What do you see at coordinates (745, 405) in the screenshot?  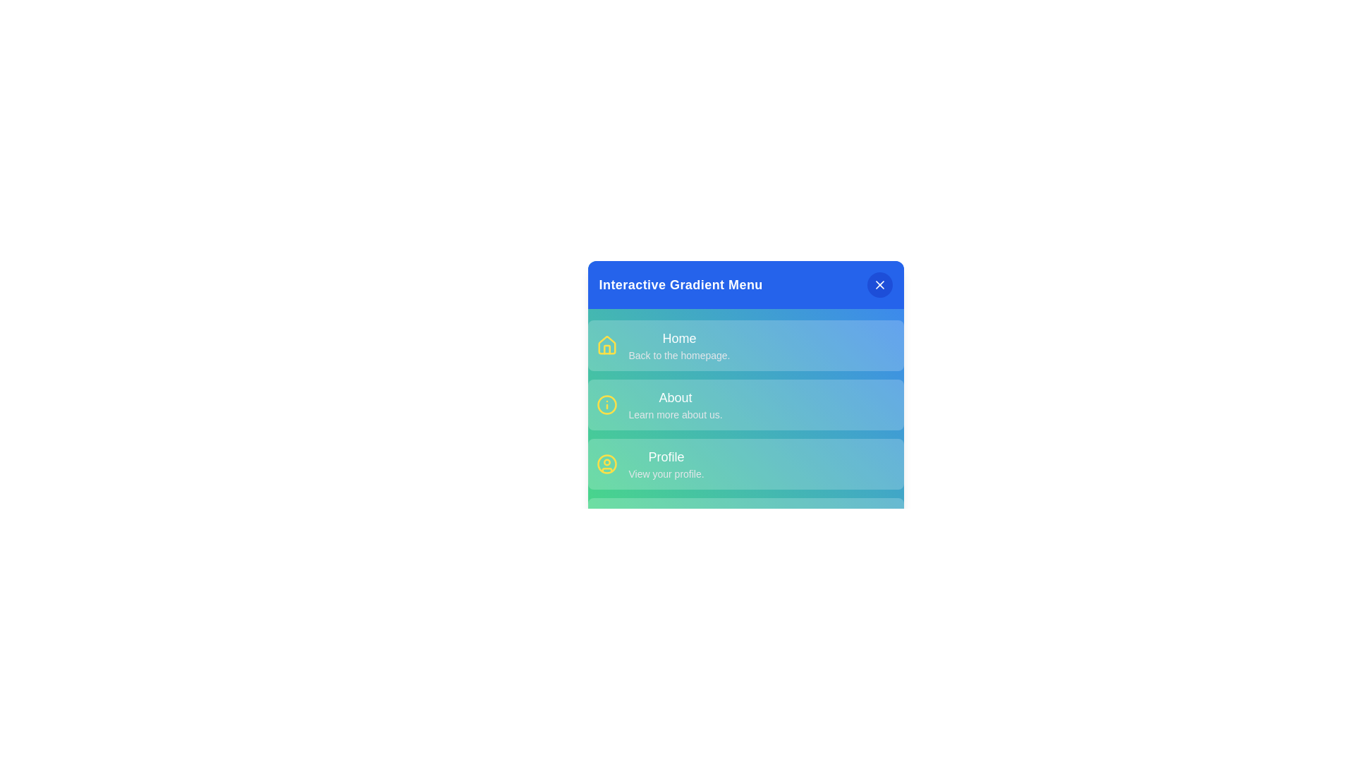 I see `the menu item corresponding to About` at bounding box center [745, 405].